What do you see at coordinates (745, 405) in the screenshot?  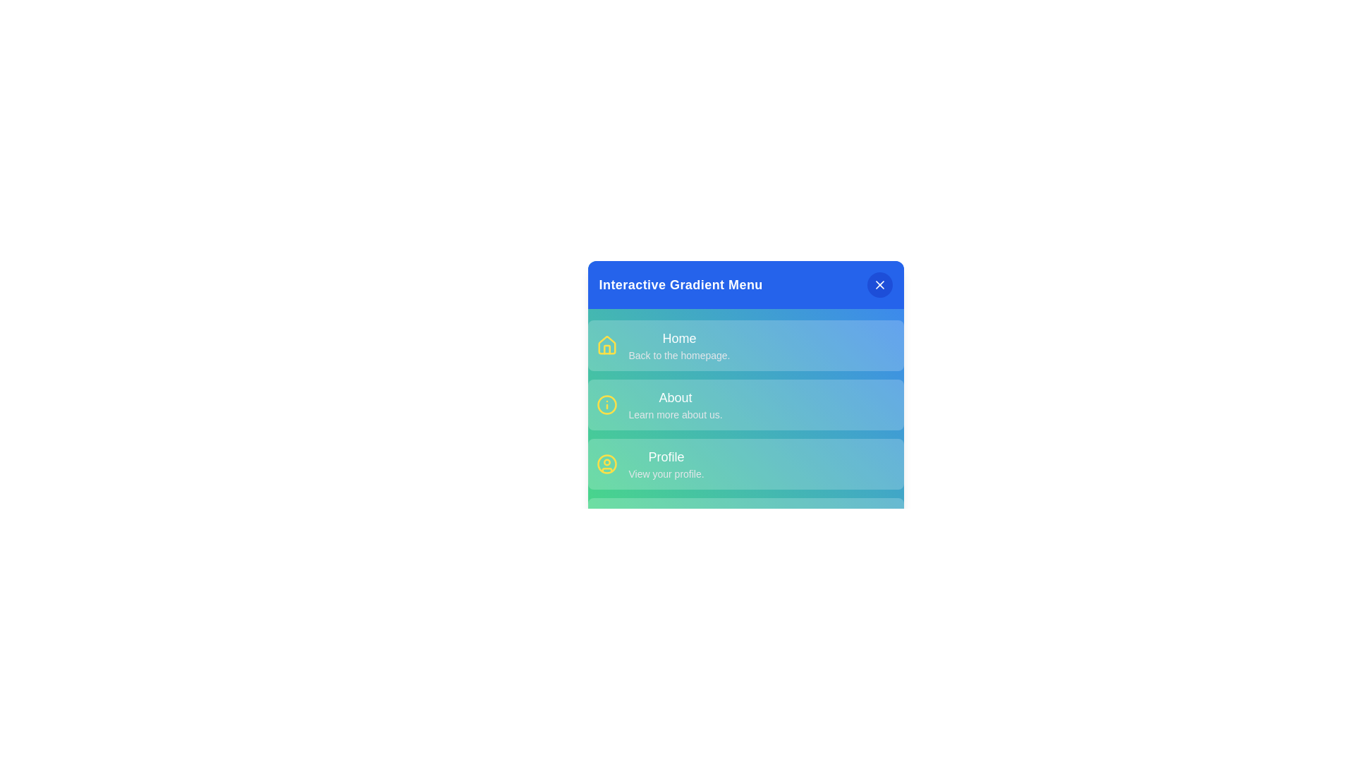 I see `the menu item corresponding to About` at bounding box center [745, 405].